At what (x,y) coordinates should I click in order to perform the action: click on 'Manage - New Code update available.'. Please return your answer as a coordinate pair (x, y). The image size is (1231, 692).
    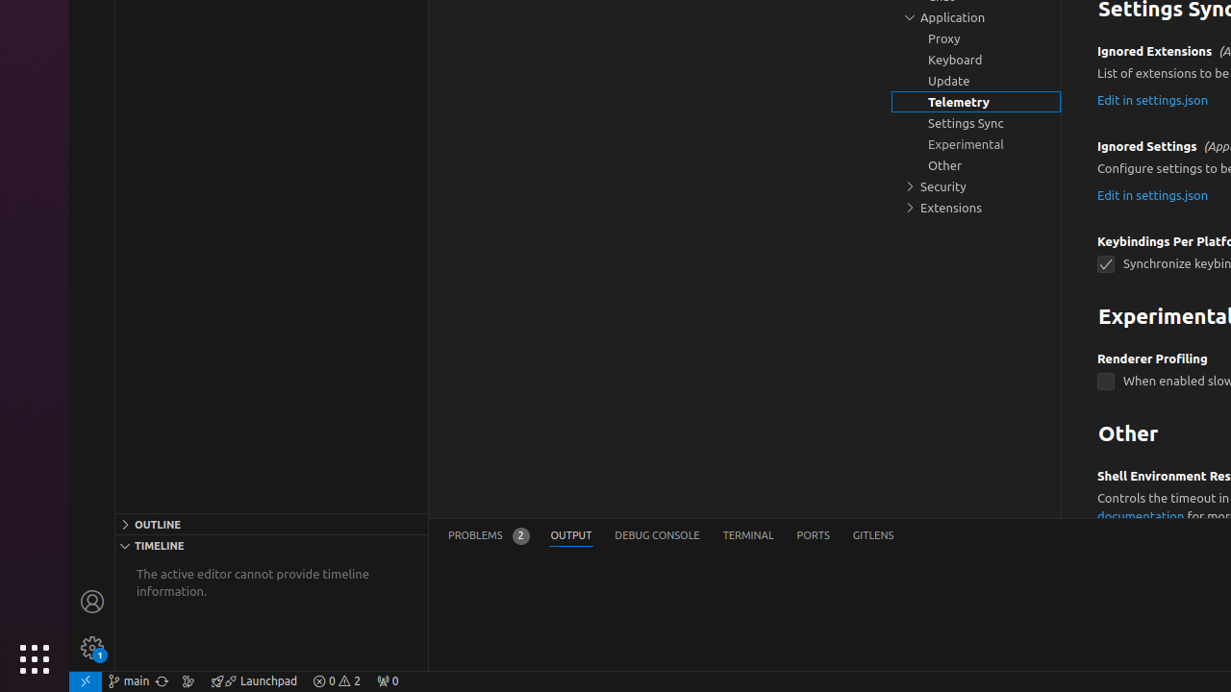
    Looking at the image, I should click on (91, 647).